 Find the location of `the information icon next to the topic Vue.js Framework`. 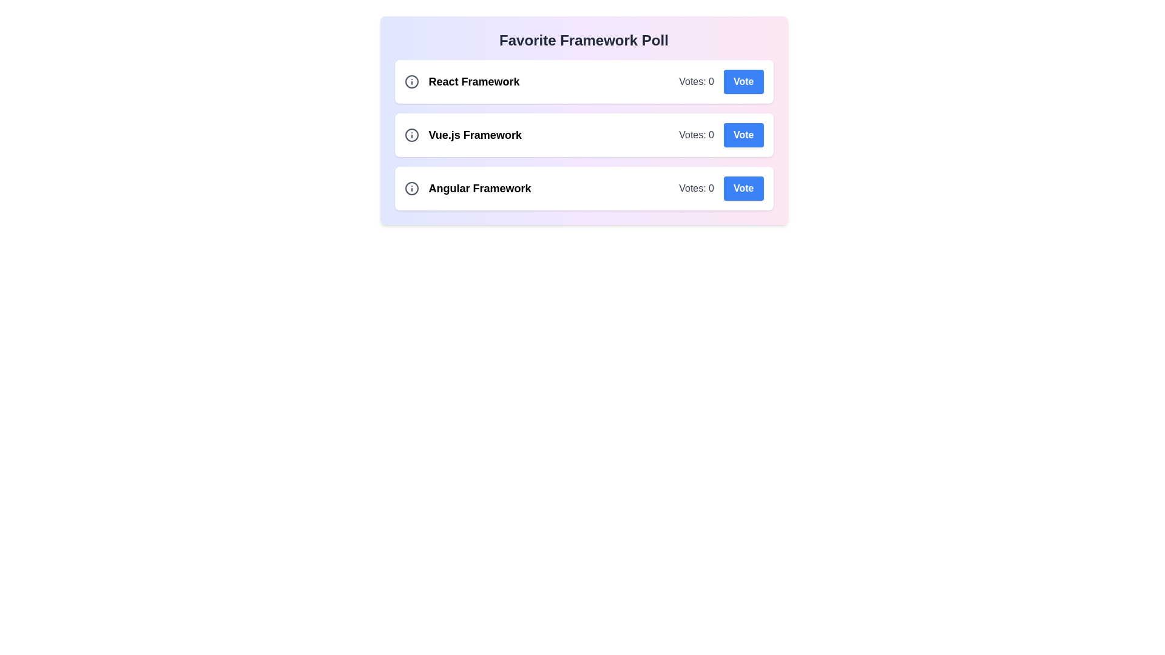

the information icon next to the topic Vue.js Framework is located at coordinates (411, 135).